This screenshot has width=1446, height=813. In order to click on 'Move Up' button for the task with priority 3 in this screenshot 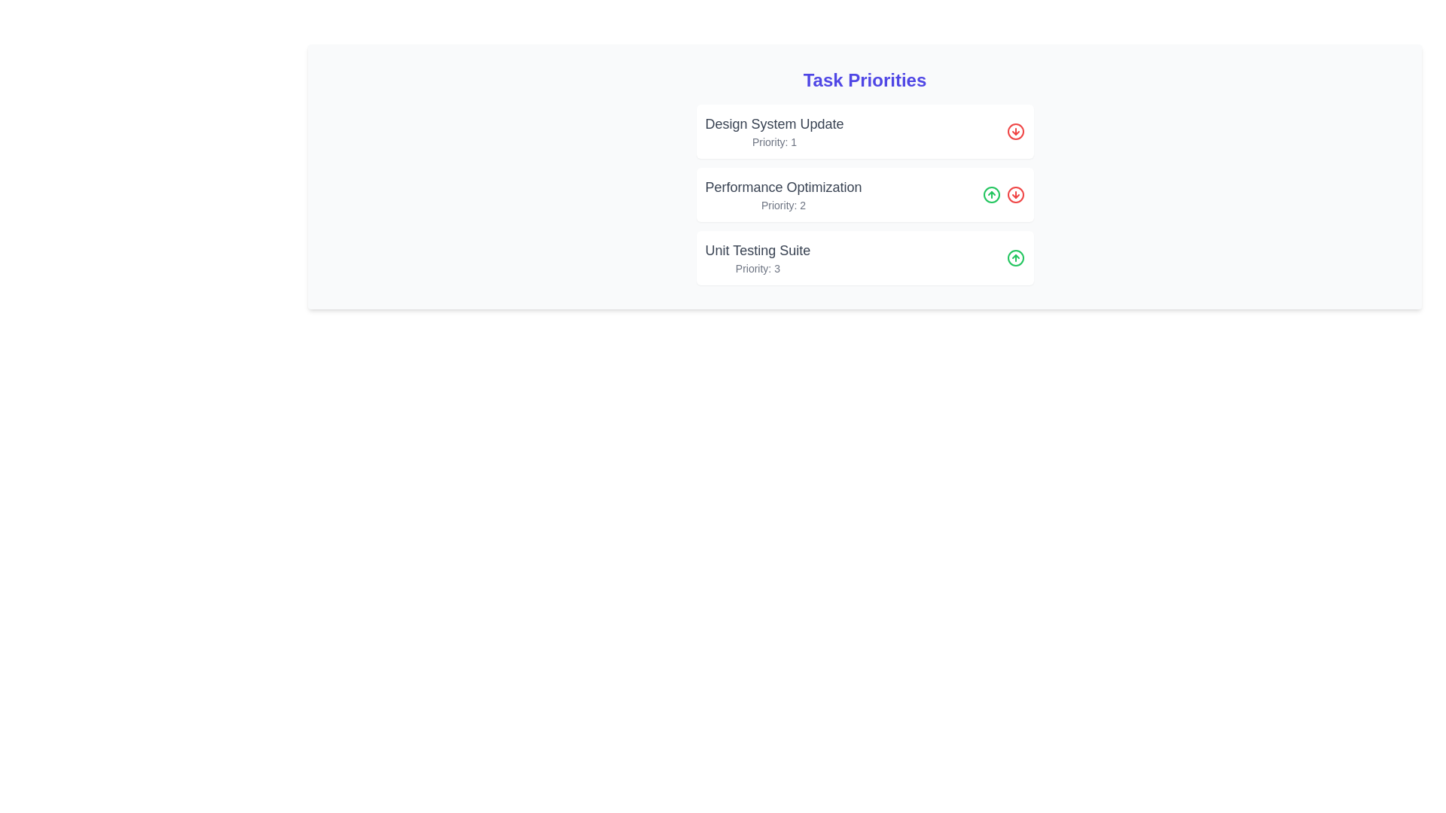, I will do `click(1015, 257)`.